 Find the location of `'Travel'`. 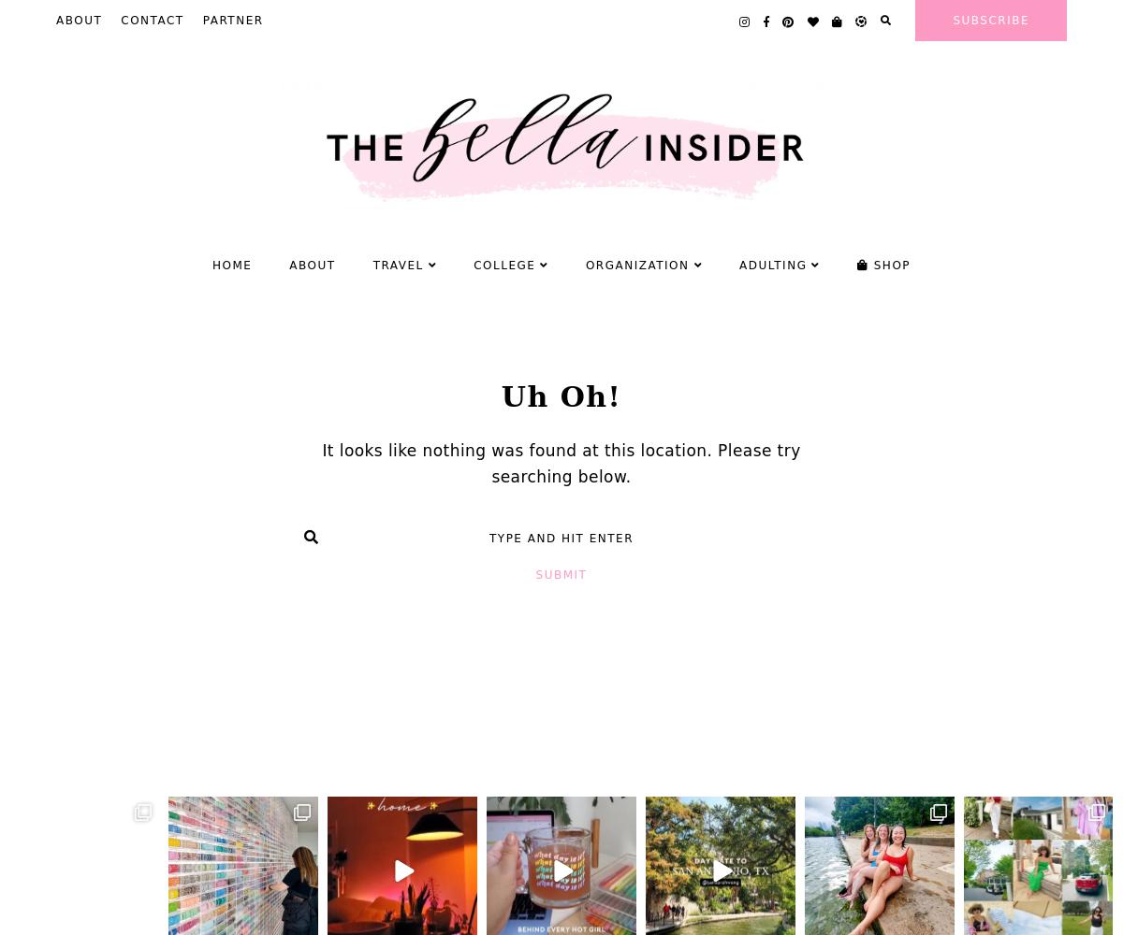

'Travel' is located at coordinates (372, 265).